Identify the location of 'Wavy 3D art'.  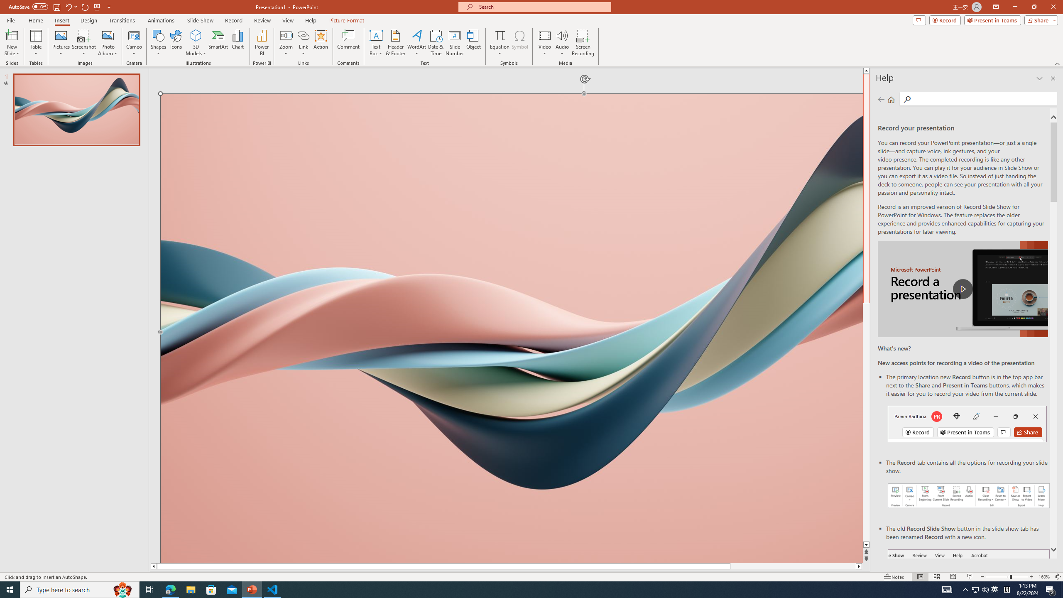
(511, 328).